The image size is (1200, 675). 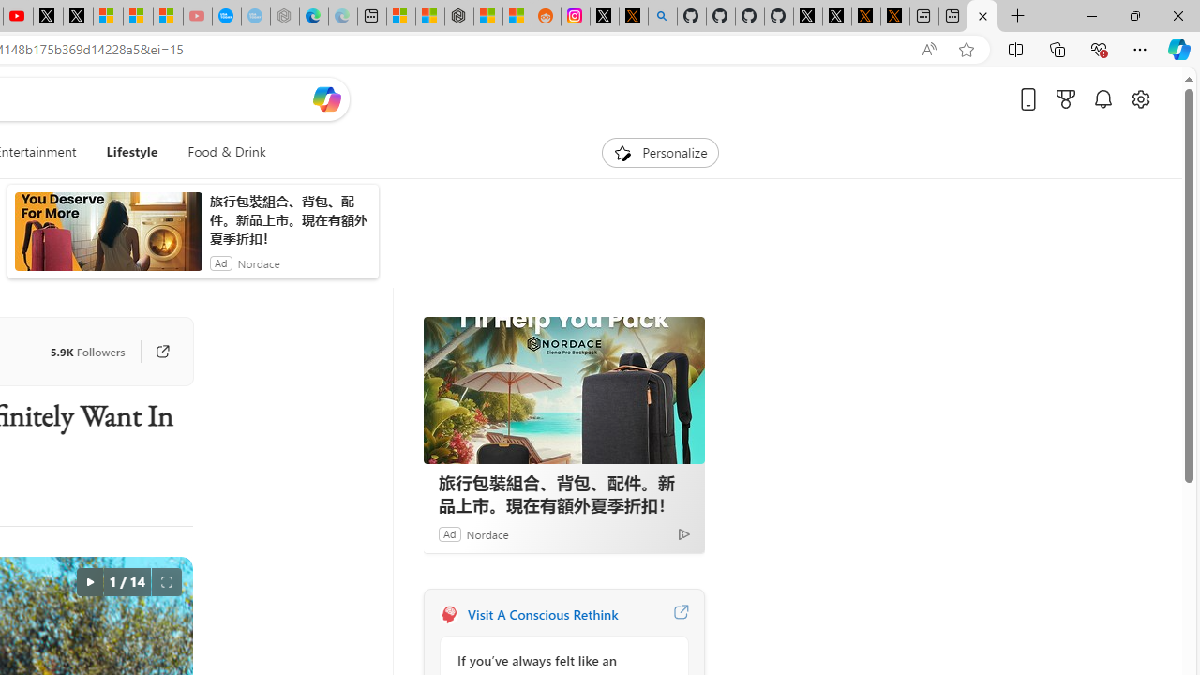 What do you see at coordinates (255, 16) in the screenshot?
I see `'Nordace - Nordace has arrived Hong Kong - Sleeping'` at bounding box center [255, 16].